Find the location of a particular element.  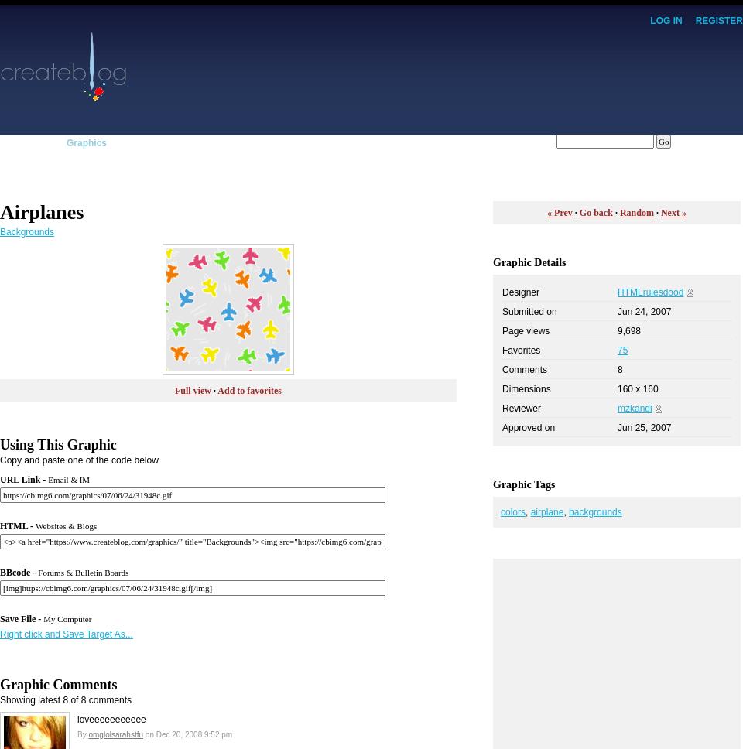

'Right click and Save Target As...' is located at coordinates (0, 634).